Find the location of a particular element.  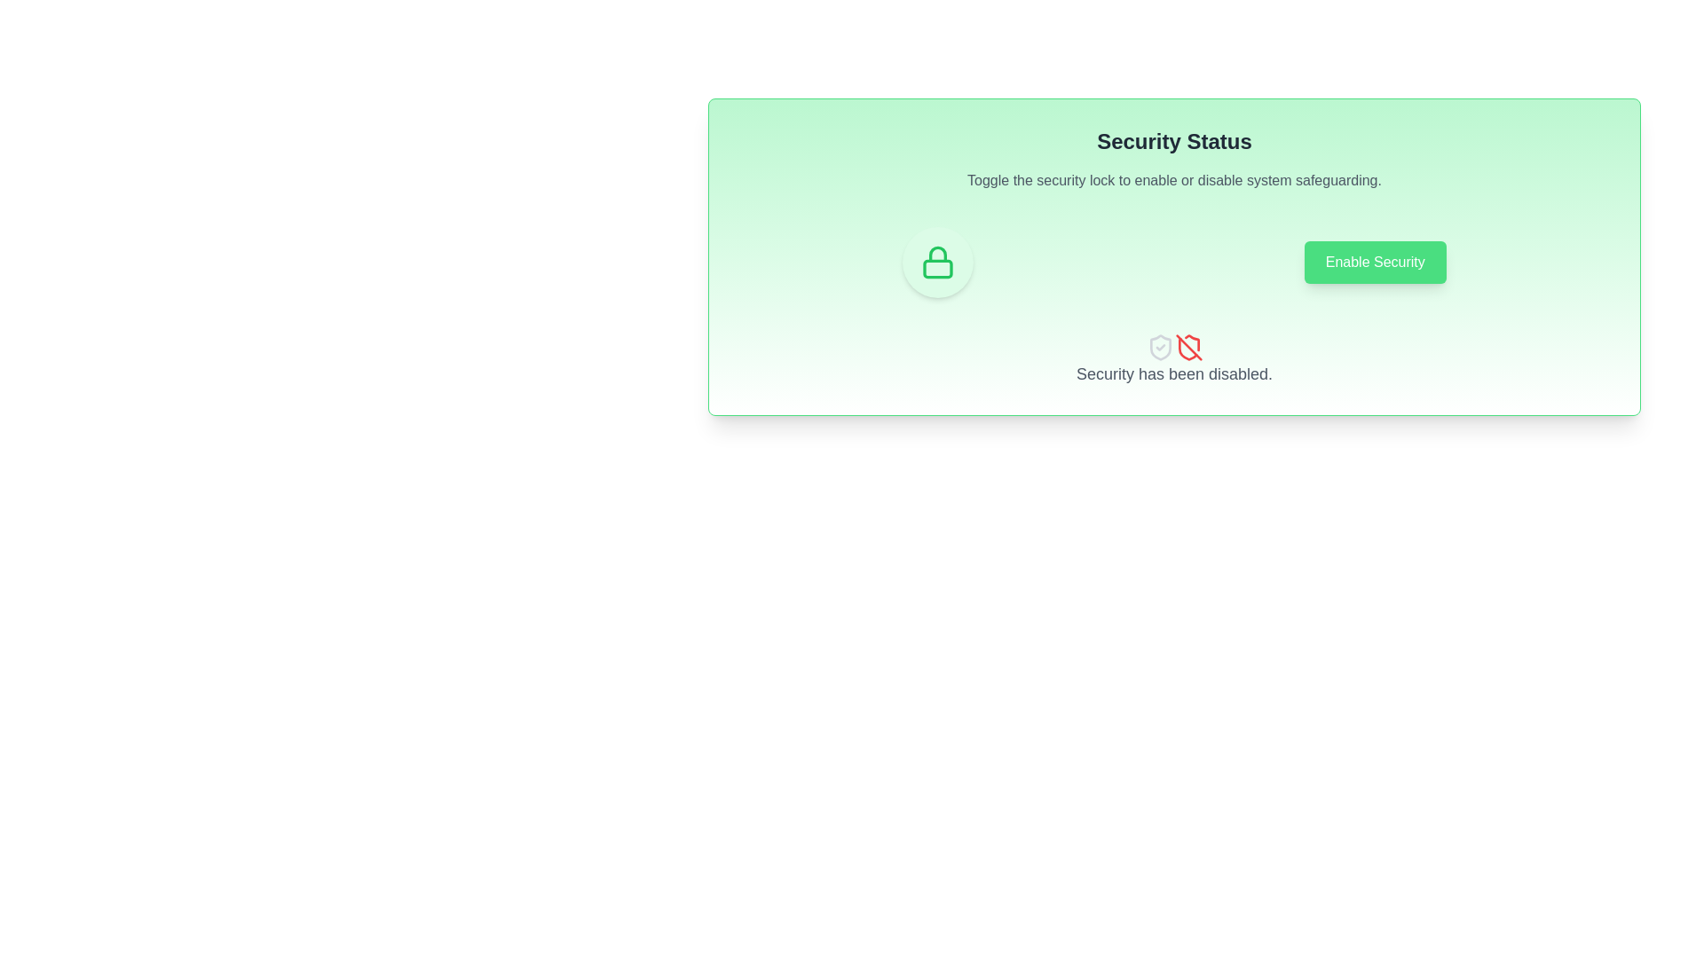

the 'Security Status' text label, which is prominently displayed at the top of its section with a bold, large font in dark gray color is located at coordinates (1174, 140).